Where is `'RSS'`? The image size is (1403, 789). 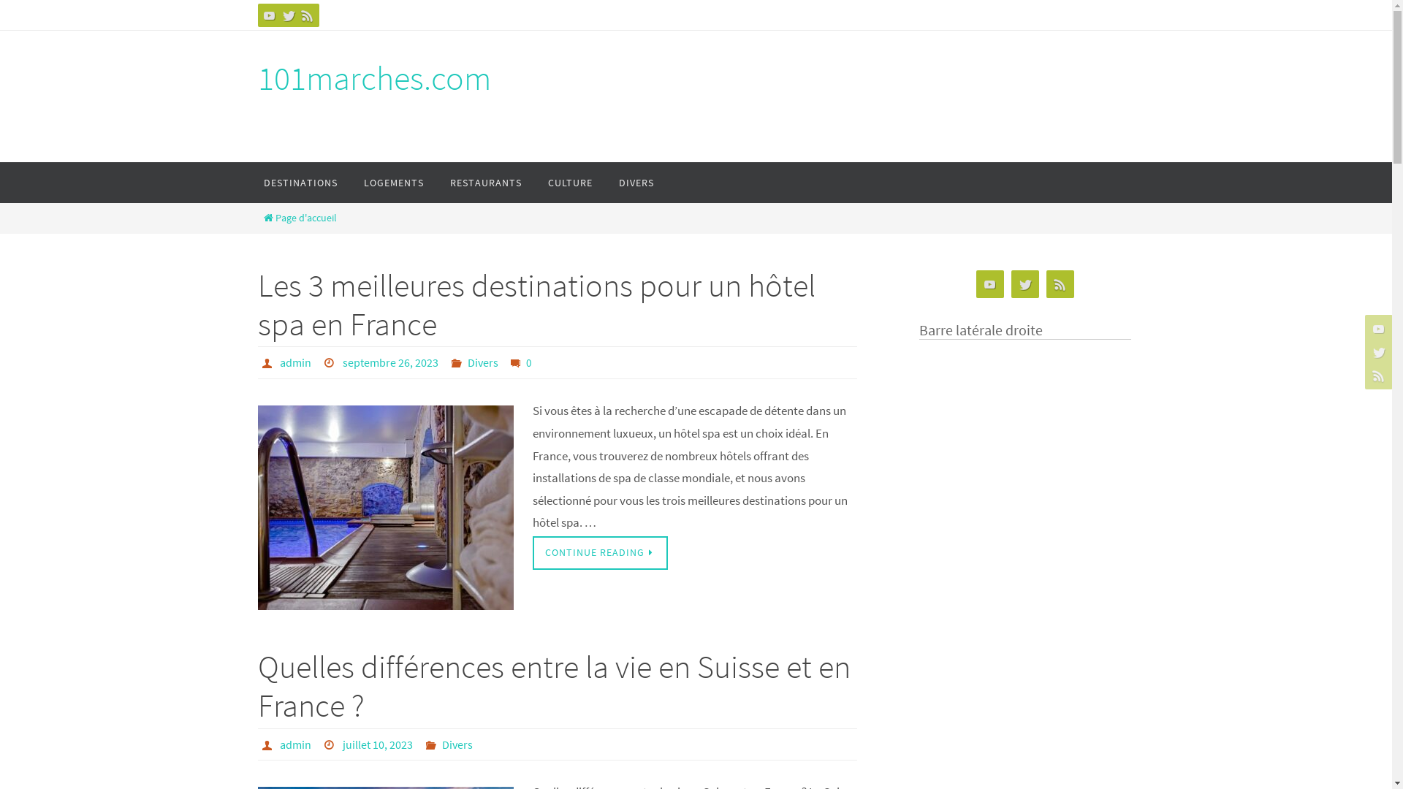
'RSS' is located at coordinates (294, 15).